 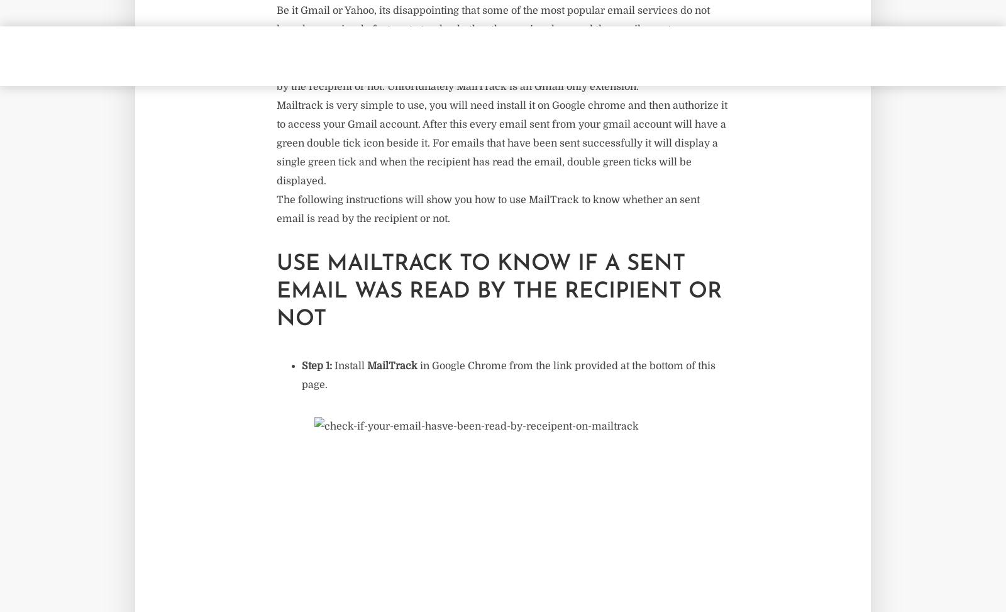 I want to click on 'How to Download a Copy of your Data from Orkut', so click(x=236, y=115).